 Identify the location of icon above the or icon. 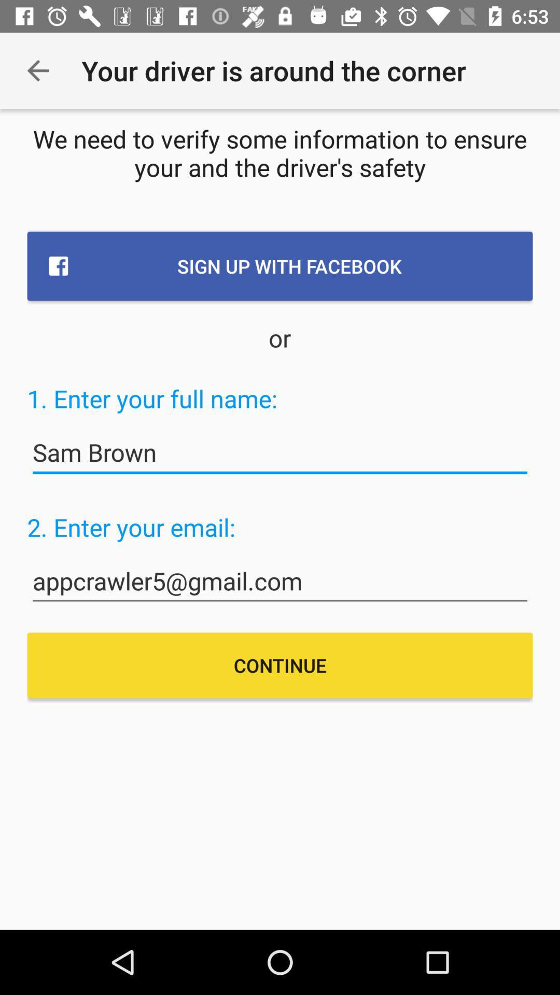
(280, 266).